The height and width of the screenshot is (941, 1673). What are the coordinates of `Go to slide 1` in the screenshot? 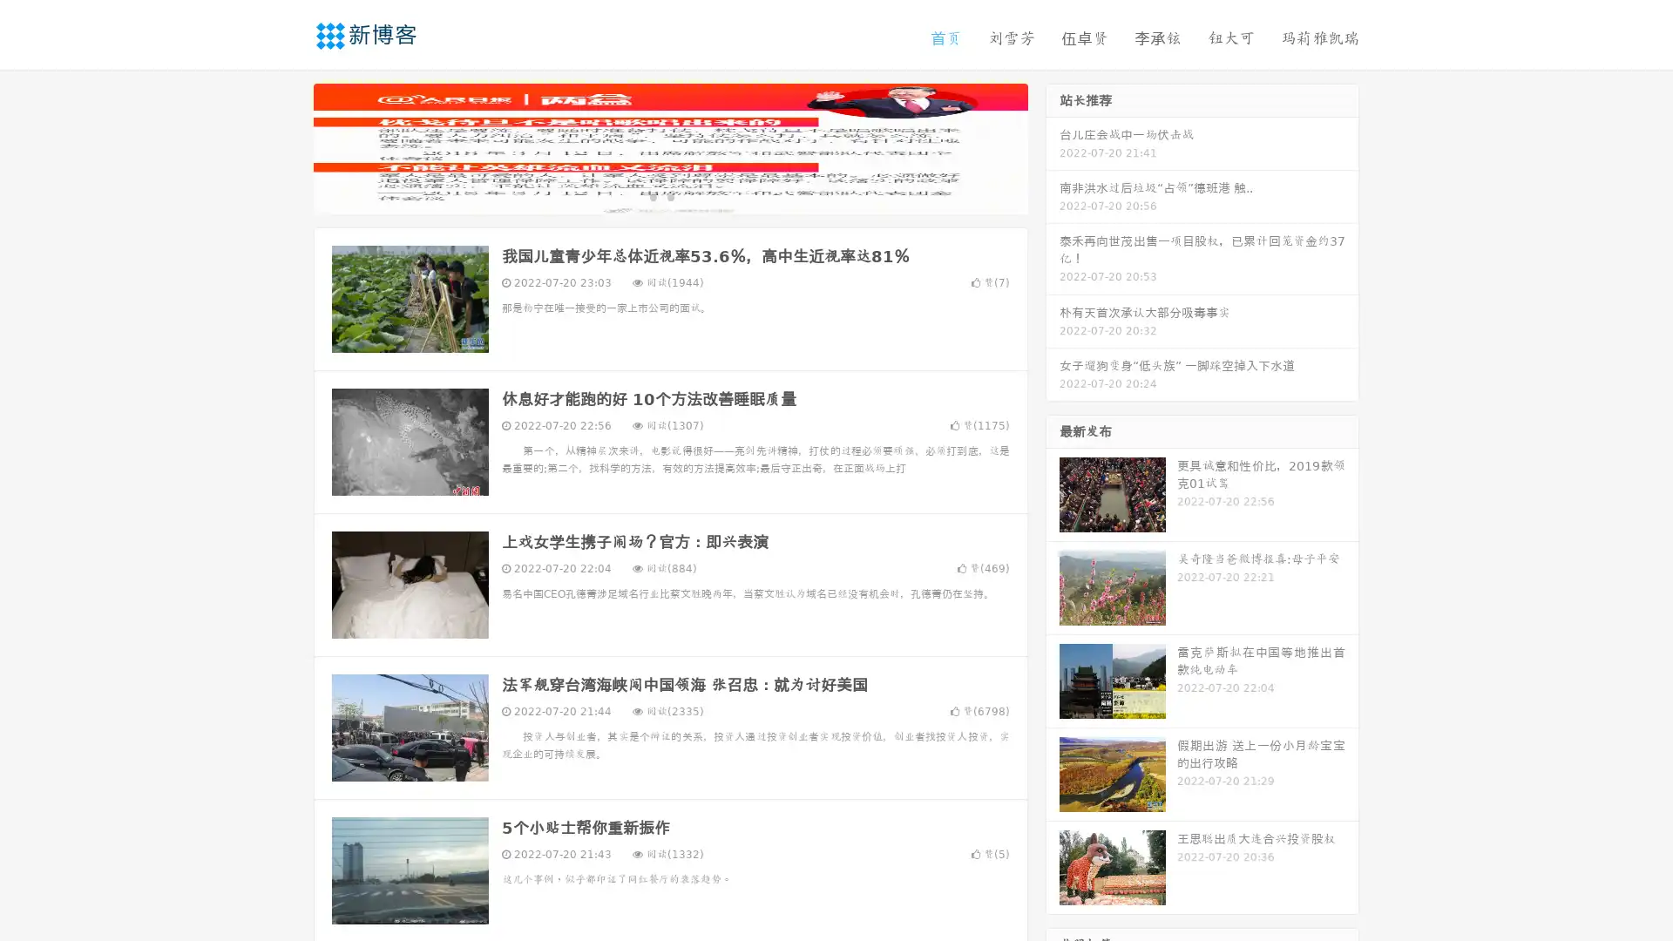 It's located at (652, 196).